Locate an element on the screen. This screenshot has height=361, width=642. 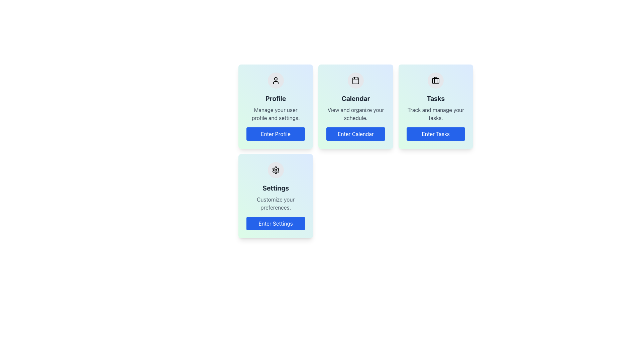
the circular settings icon with a light gray background and black outline, which contains a gear symbol at its center, located within the 'Settings' card component is located at coordinates (276, 170).